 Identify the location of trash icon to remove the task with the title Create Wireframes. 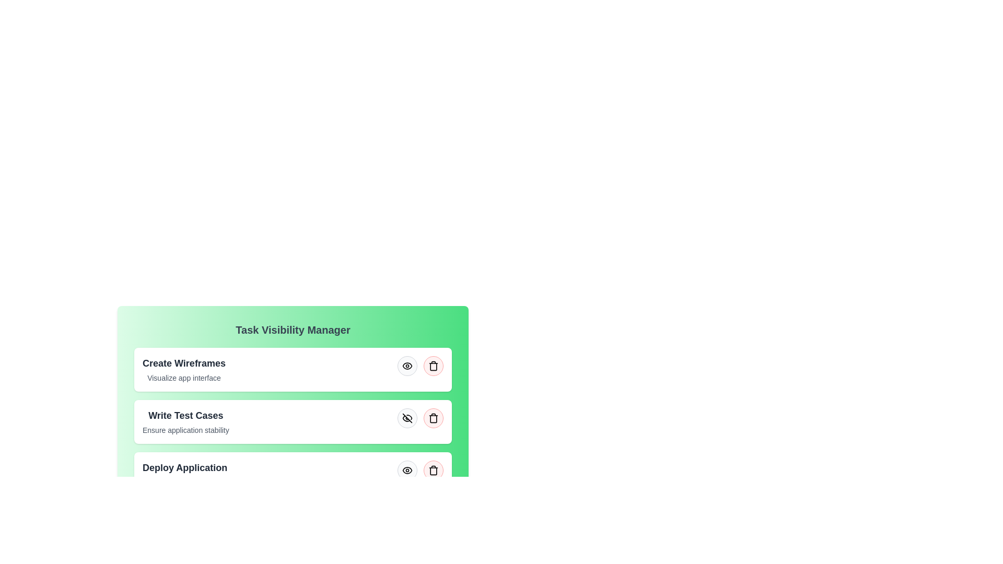
(434, 366).